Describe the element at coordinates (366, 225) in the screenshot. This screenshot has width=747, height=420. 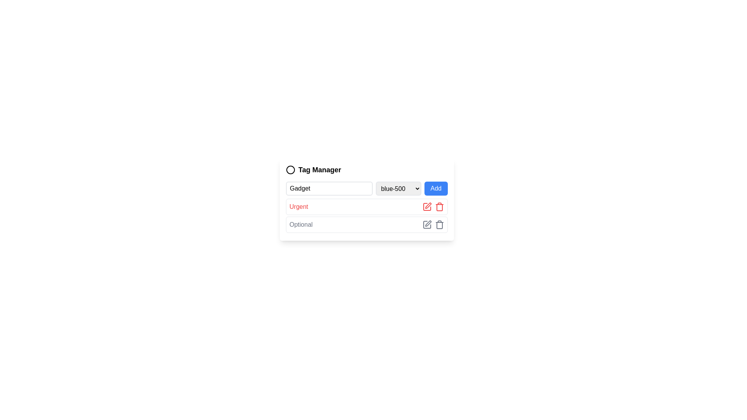
I see `the list item titled 'Optional', which is the second row in the list structure, located immediately below the 'Urgent' item` at that location.